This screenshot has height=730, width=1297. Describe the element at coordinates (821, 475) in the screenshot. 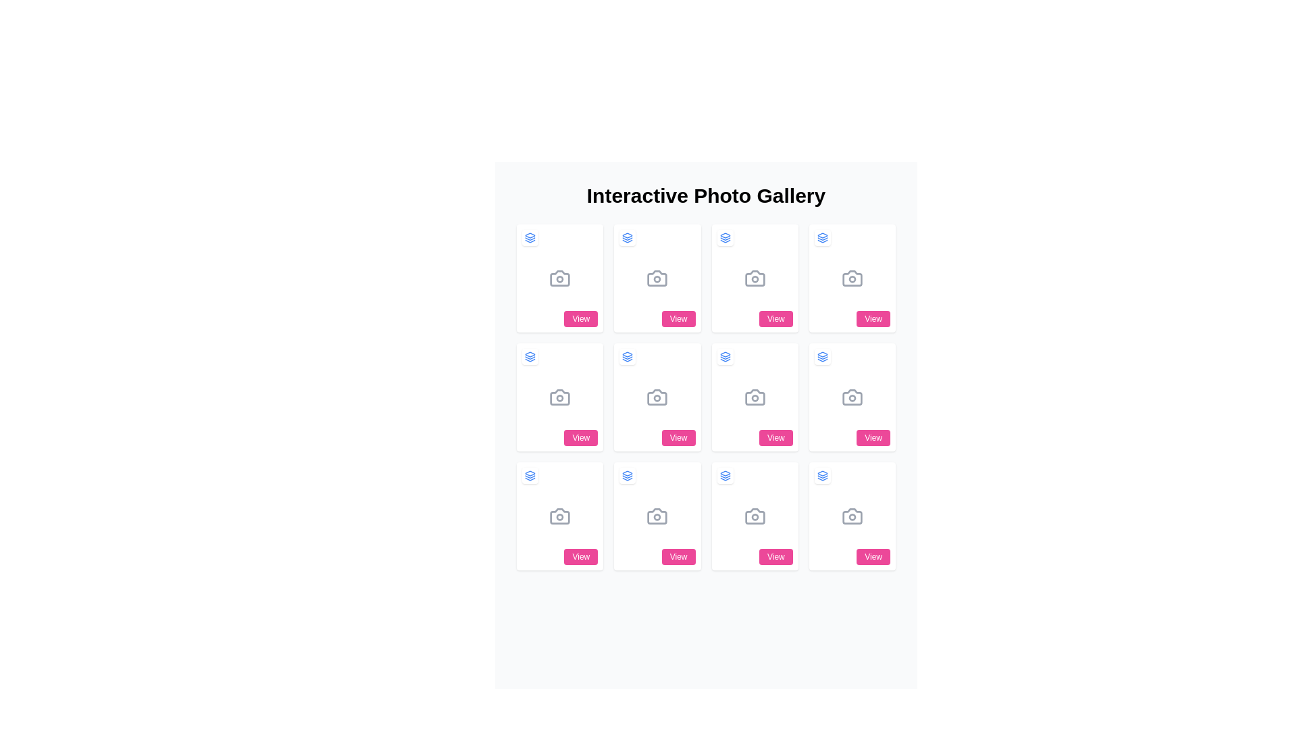

I see `the decorative icon located at the top-left corner of the white card, which serves as a visual identifier for the content category` at that location.